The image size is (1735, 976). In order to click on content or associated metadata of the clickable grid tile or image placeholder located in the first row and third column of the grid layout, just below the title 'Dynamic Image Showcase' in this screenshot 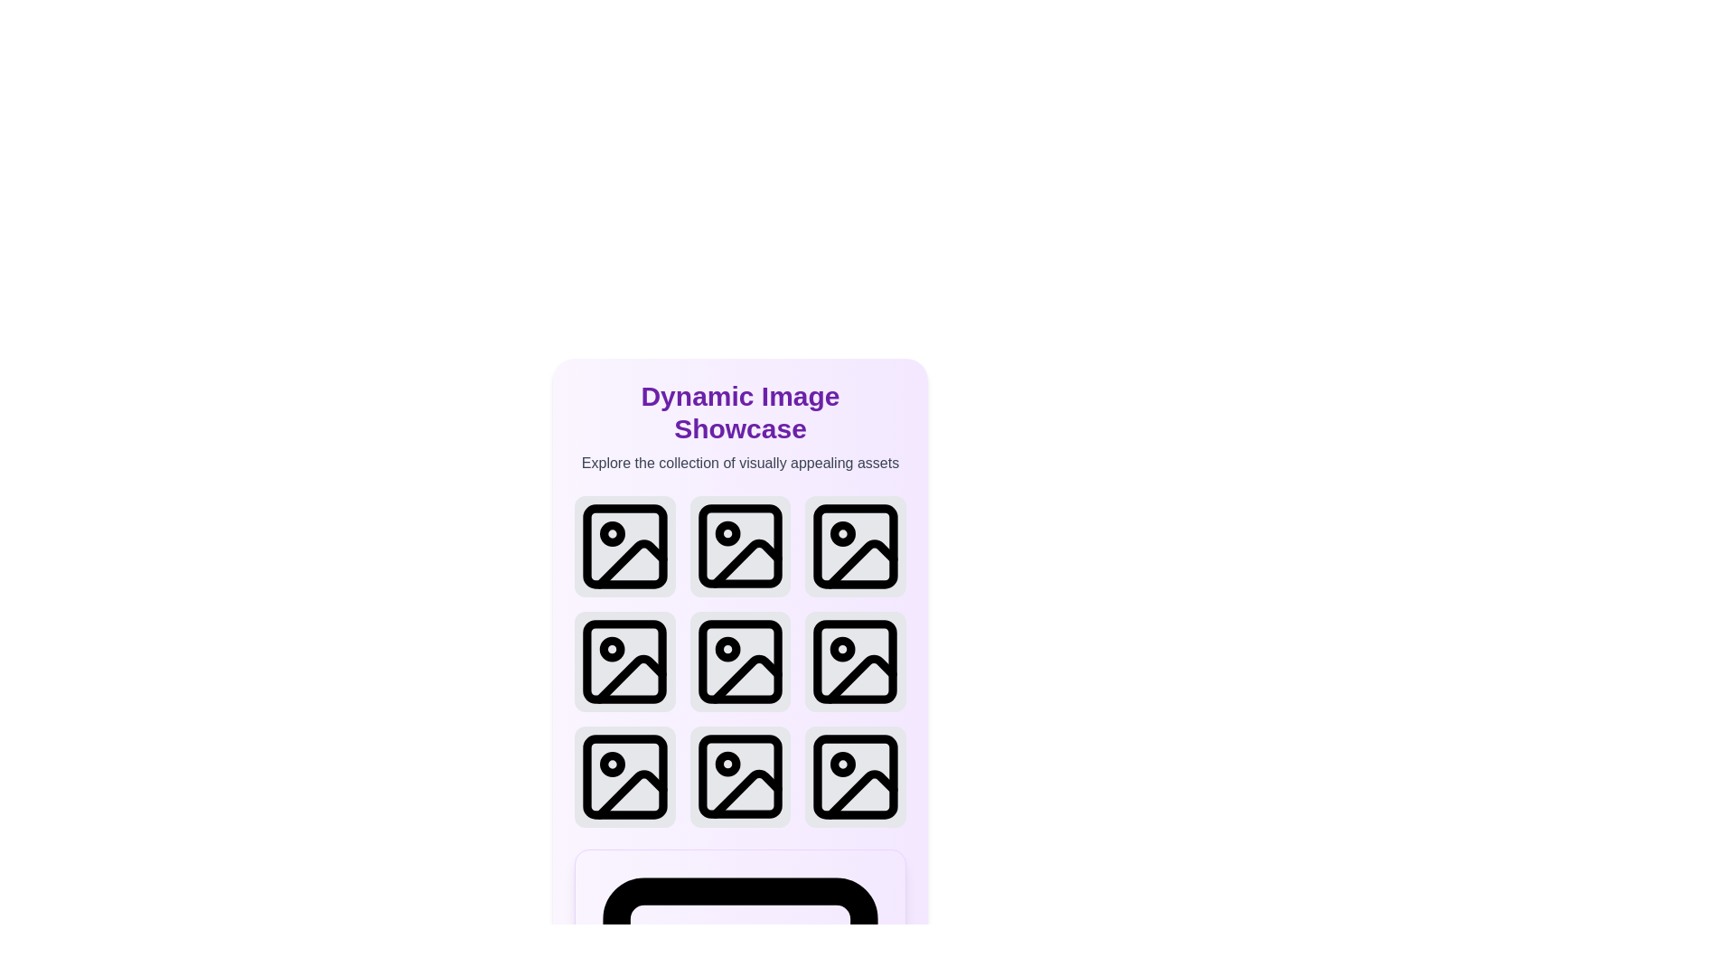, I will do `click(854, 545)`.